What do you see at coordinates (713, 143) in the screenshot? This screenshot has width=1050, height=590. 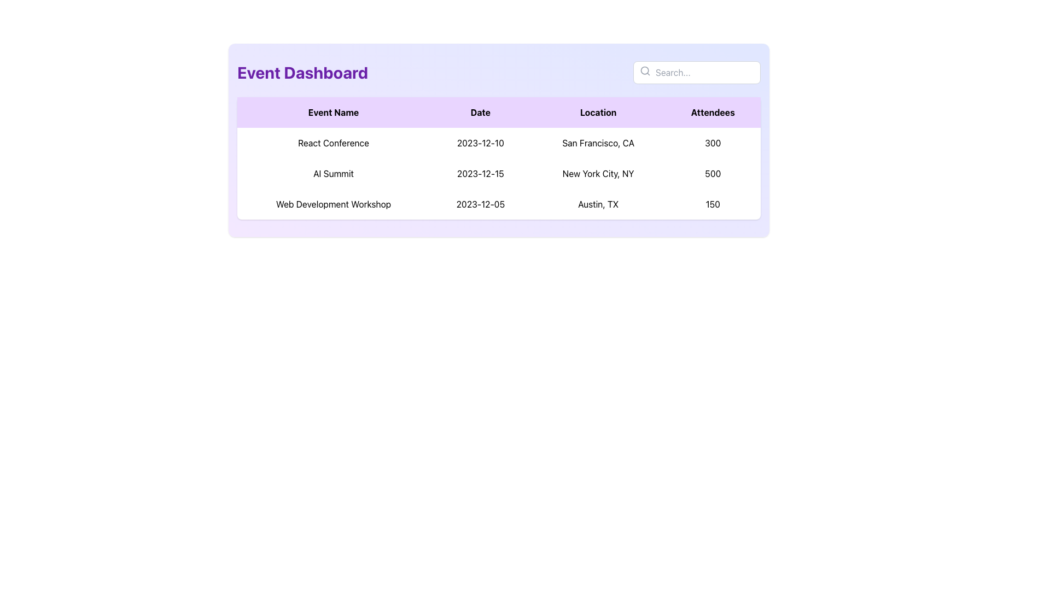 I see `the Text label displaying '300' under the 'Attendees' column for the 'React Conference' row` at bounding box center [713, 143].